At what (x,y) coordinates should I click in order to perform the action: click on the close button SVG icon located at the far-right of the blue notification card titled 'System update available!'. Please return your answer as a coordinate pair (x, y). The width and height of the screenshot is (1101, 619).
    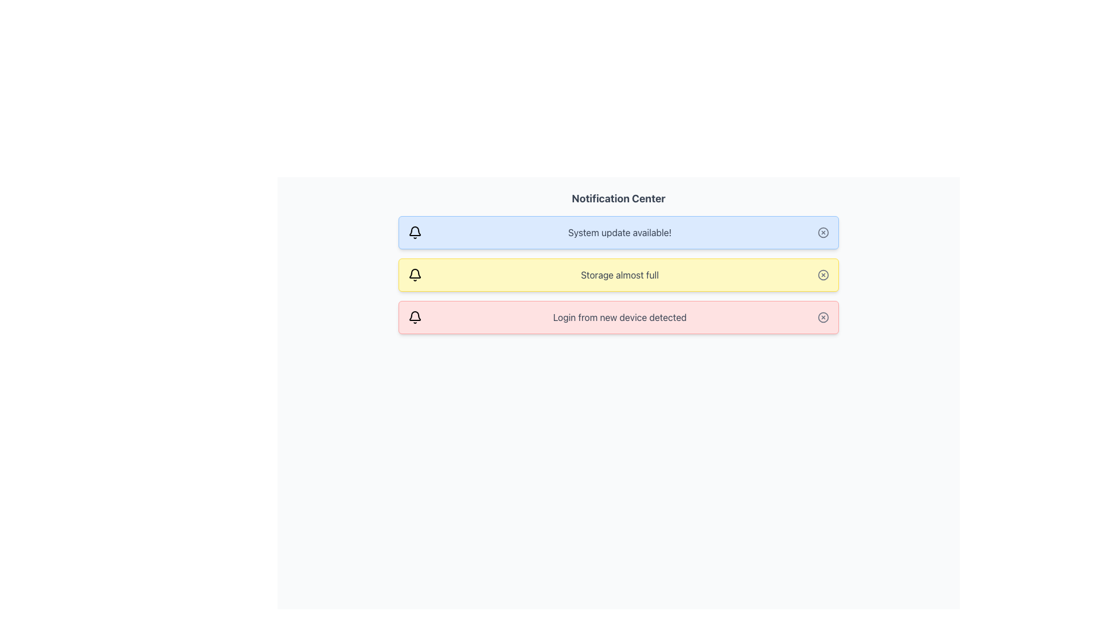
    Looking at the image, I should click on (822, 232).